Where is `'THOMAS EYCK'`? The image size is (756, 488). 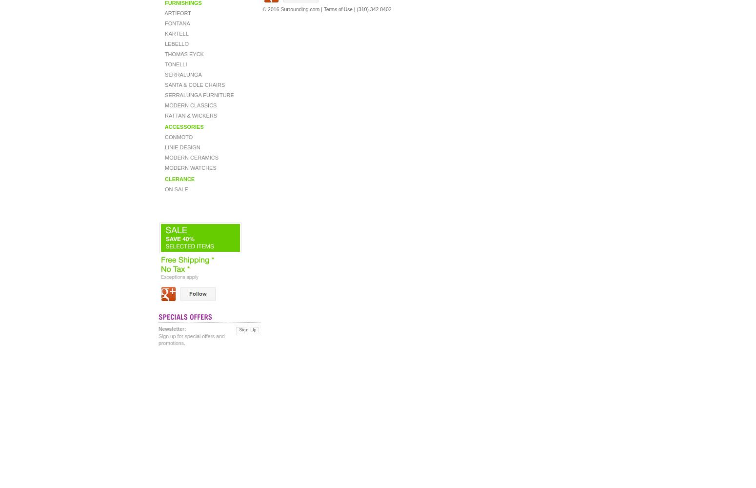
'THOMAS EYCK' is located at coordinates (183, 54).